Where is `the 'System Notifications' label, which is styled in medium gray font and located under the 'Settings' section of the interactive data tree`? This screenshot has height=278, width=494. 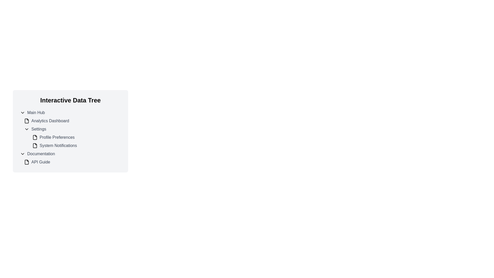
the 'System Notifications' label, which is styled in medium gray font and located under the 'Settings' section of the interactive data tree is located at coordinates (58, 146).